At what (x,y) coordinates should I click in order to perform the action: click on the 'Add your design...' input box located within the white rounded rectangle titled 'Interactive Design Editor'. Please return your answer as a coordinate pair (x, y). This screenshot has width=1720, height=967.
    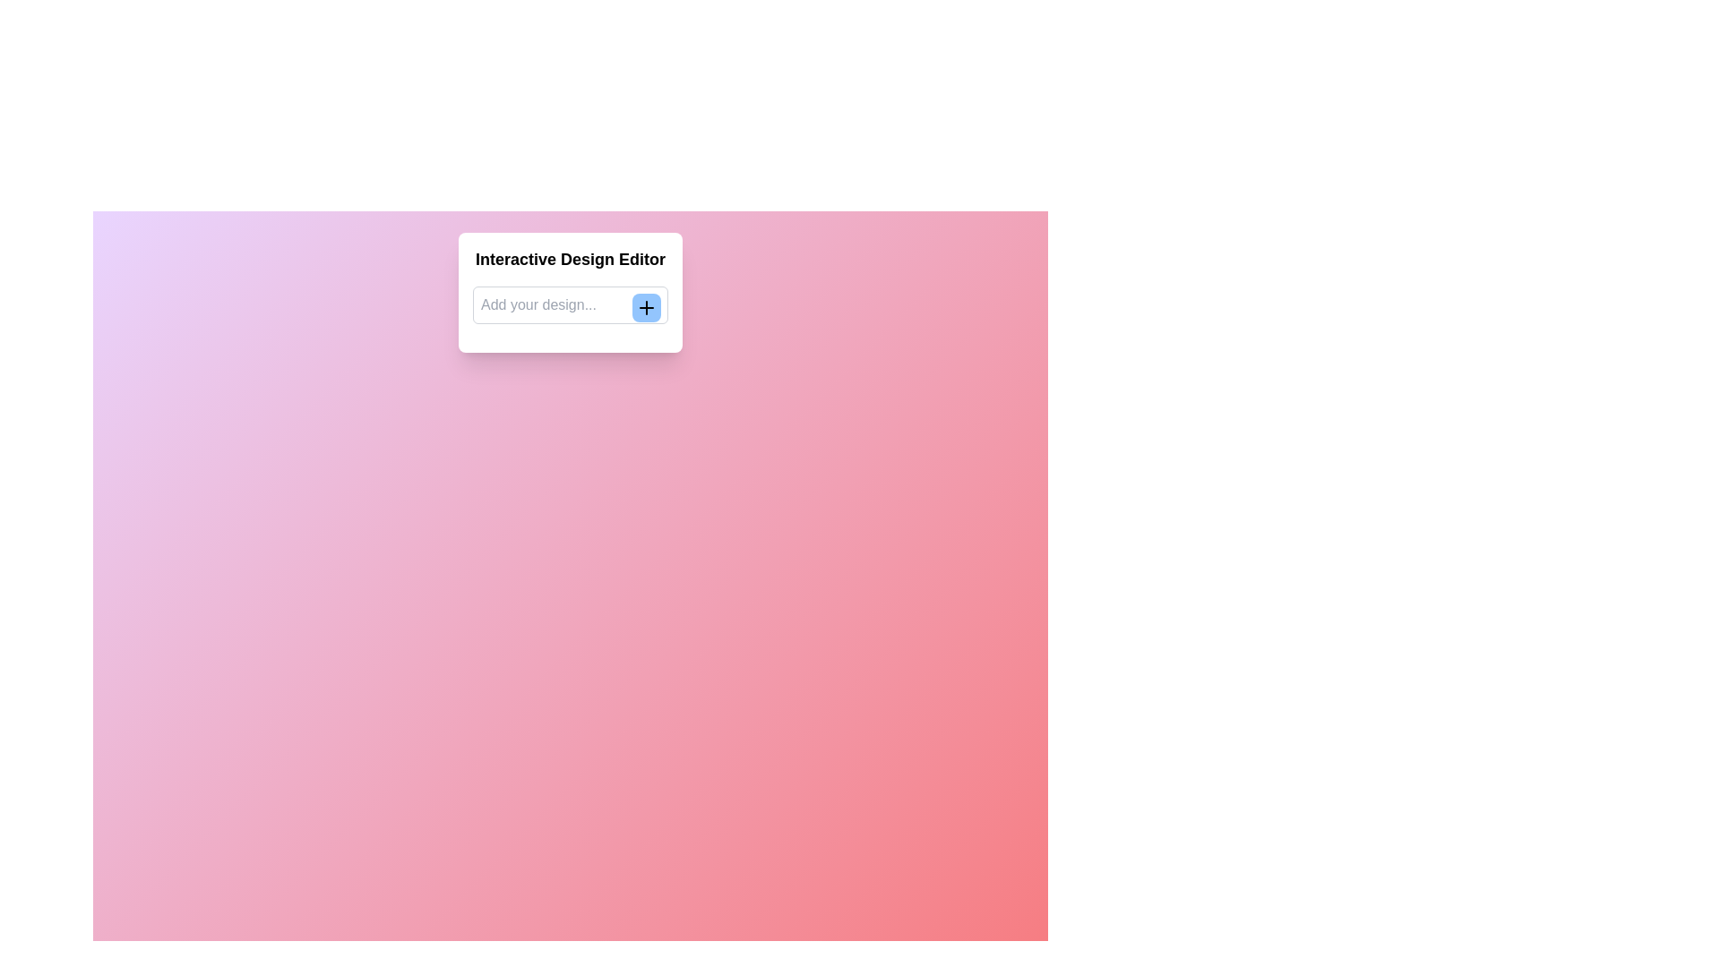
    Looking at the image, I should click on (570, 292).